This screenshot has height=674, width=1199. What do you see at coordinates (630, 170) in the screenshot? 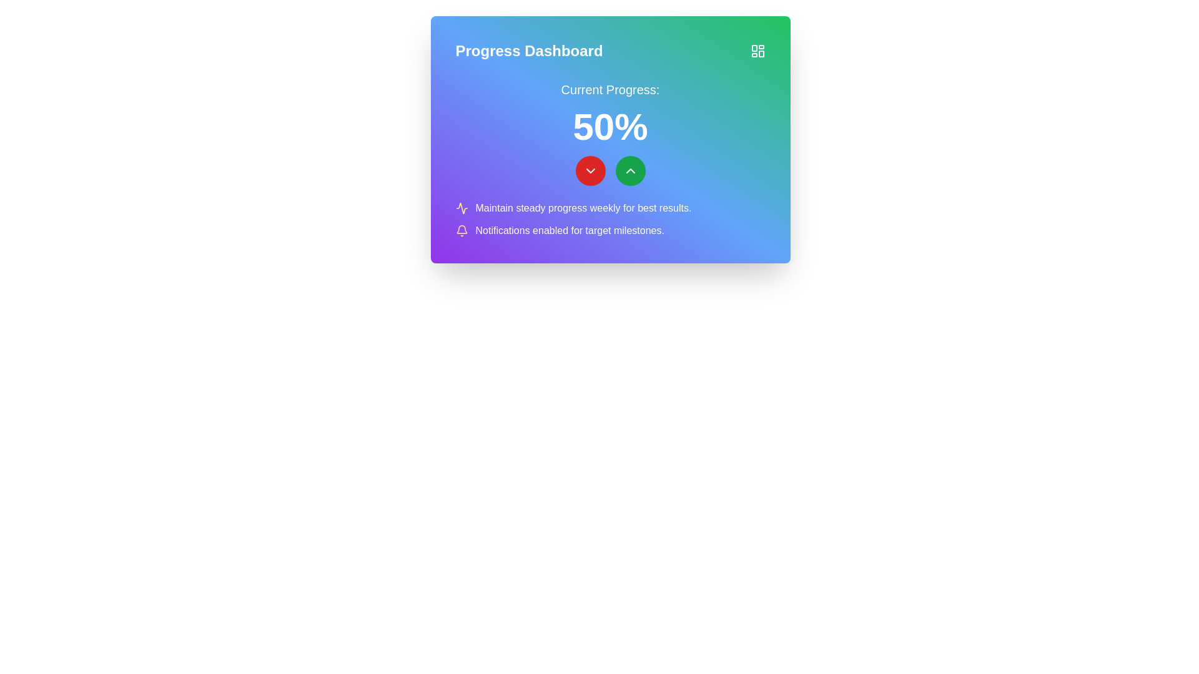
I see `the upward-pointing chevron arrow icon within the green circular button` at bounding box center [630, 170].